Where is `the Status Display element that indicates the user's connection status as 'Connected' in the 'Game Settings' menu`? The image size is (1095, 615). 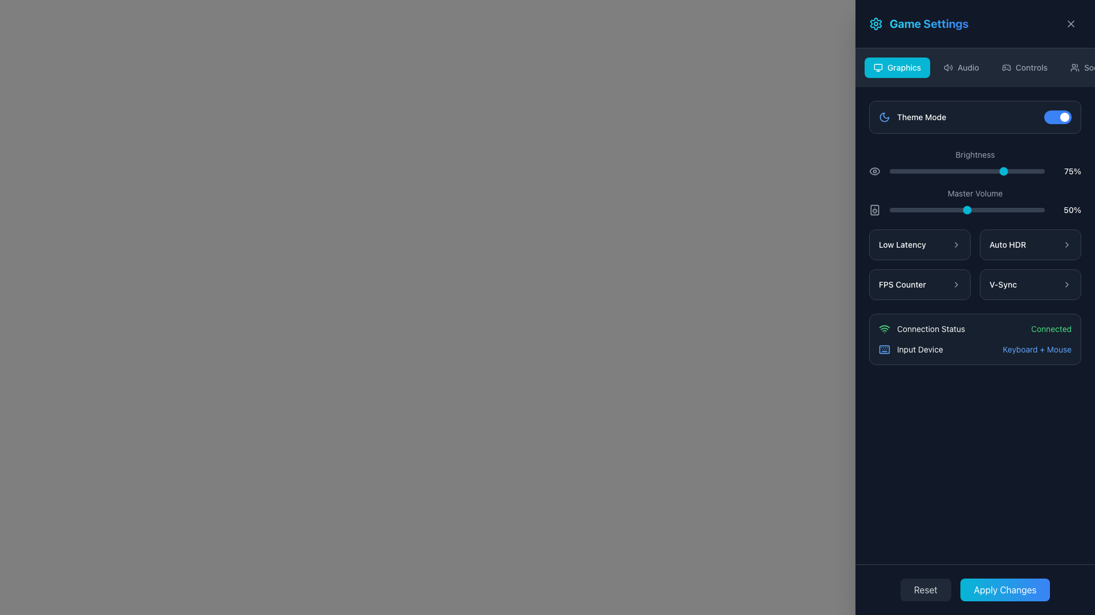 the Status Display element that indicates the user's connection status as 'Connected' in the 'Game Settings' menu is located at coordinates (974, 329).